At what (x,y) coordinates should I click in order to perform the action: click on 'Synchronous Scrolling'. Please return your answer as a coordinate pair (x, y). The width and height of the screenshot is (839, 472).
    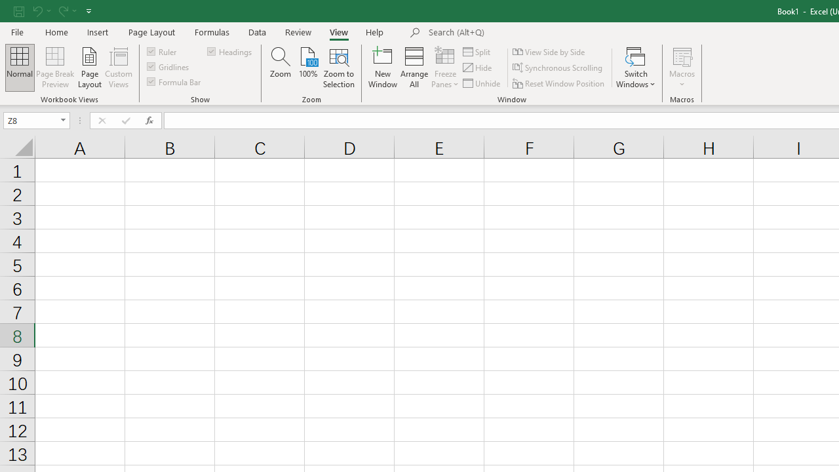
    Looking at the image, I should click on (558, 68).